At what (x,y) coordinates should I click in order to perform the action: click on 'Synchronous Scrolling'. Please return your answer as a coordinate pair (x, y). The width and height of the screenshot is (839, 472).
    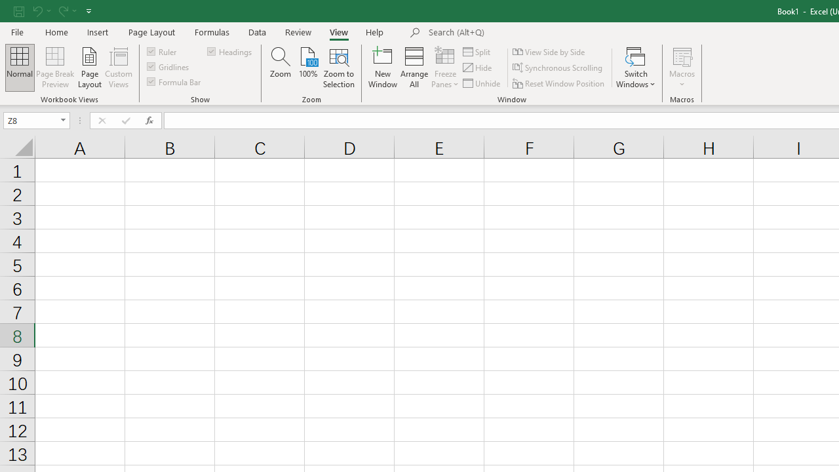
    Looking at the image, I should click on (558, 68).